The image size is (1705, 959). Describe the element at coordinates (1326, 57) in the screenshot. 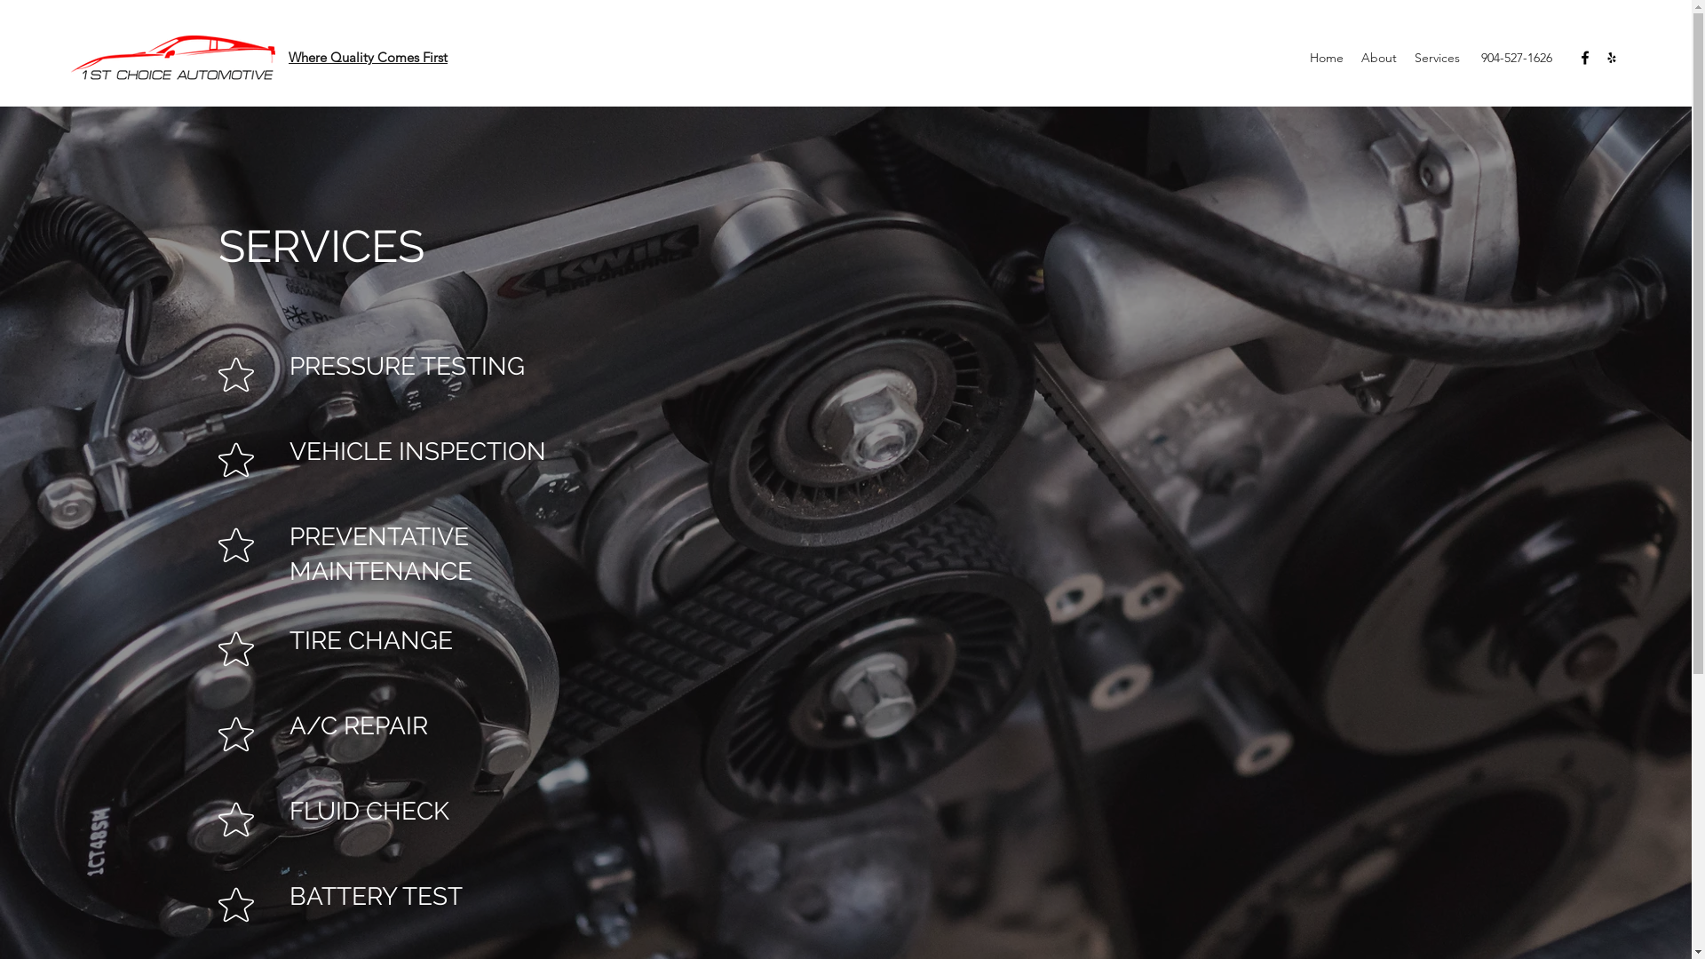

I see `'Home'` at that location.